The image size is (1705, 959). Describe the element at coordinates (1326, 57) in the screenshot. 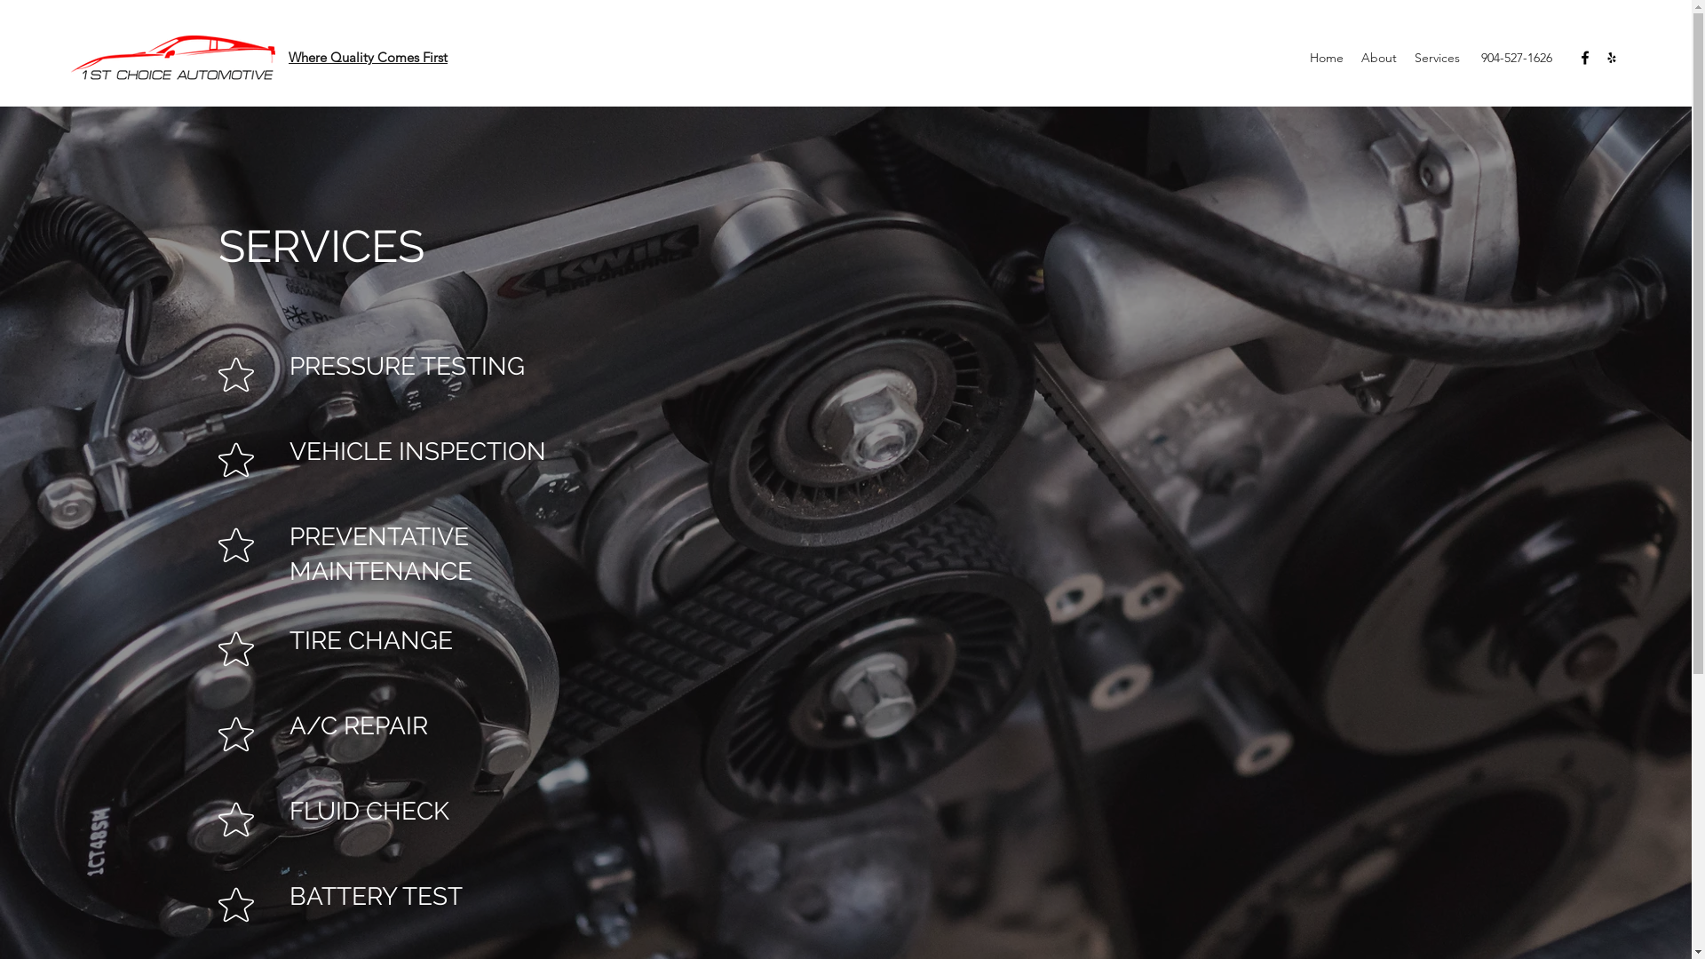

I see `'Home'` at that location.